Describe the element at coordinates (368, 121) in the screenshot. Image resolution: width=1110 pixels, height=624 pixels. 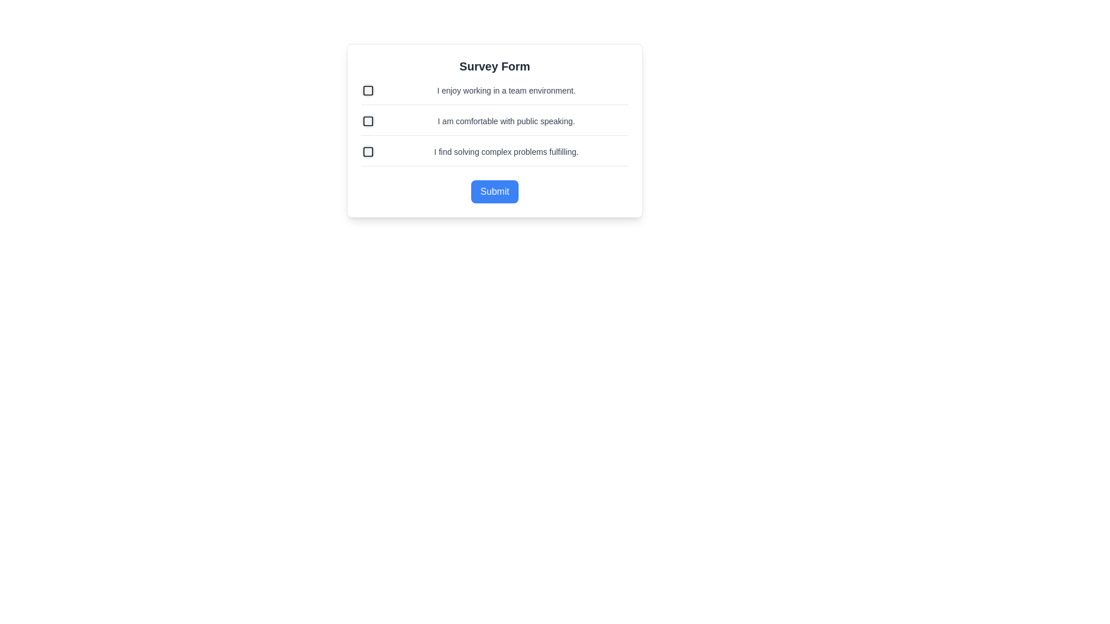
I see `the Checkbox indicator for the survey question 'I am comfortable with public speaking.'` at that location.